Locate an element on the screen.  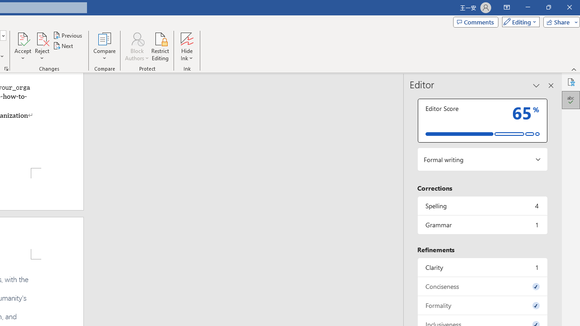
'Previous' is located at coordinates (68, 35).